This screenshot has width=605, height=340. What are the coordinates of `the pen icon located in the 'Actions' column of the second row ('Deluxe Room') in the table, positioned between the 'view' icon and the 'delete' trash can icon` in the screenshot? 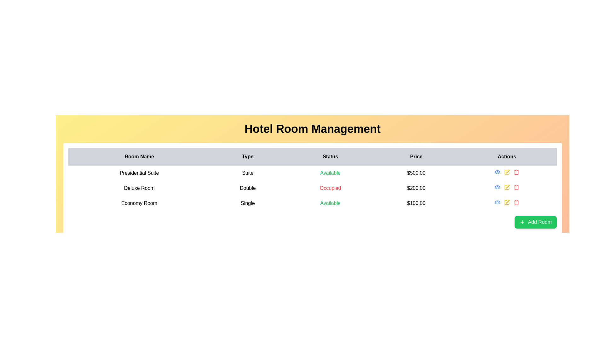 It's located at (507, 186).